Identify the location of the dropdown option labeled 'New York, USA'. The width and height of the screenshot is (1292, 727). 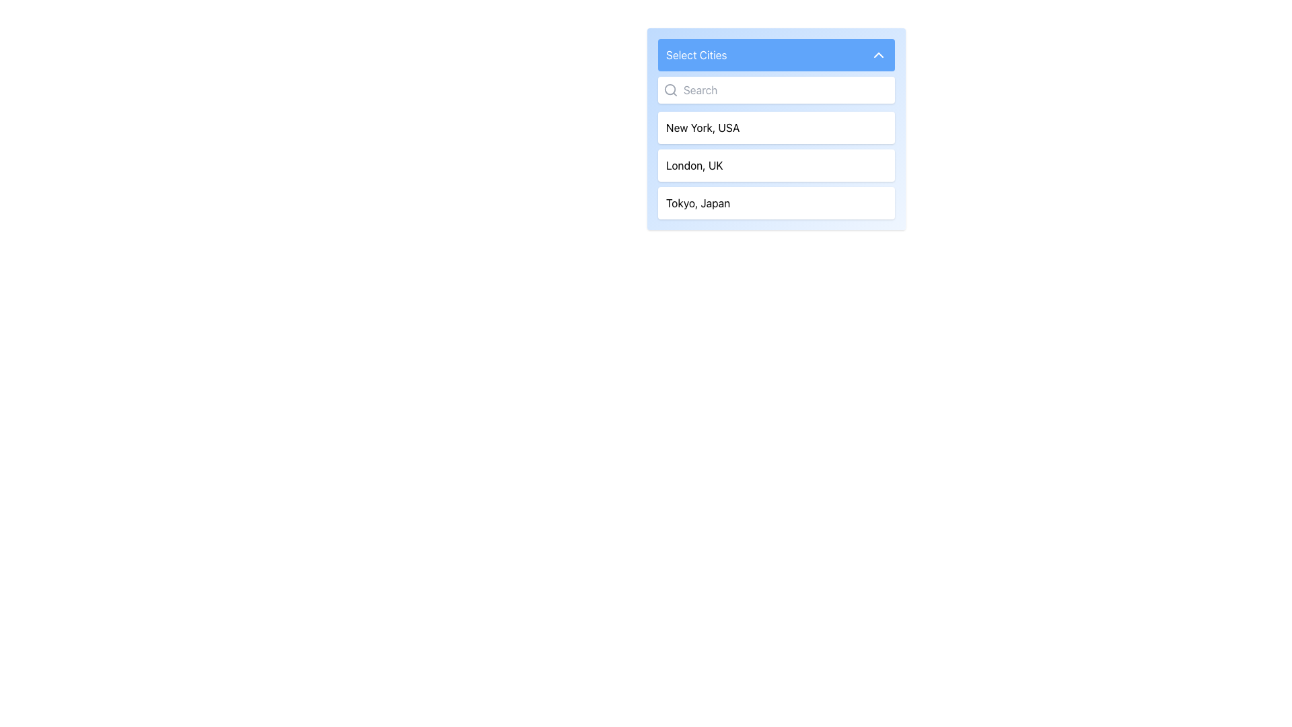
(776, 129).